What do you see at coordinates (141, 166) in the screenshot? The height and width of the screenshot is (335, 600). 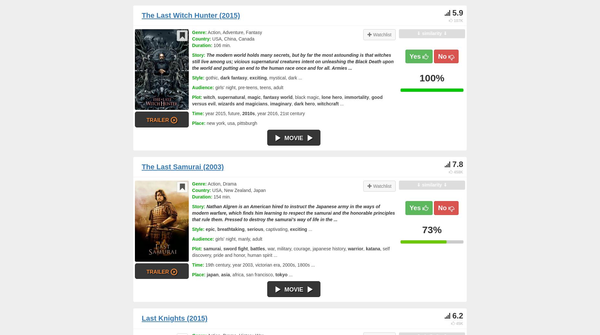 I see `'The Last Samurai (2003)'` at bounding box center [141, 166].